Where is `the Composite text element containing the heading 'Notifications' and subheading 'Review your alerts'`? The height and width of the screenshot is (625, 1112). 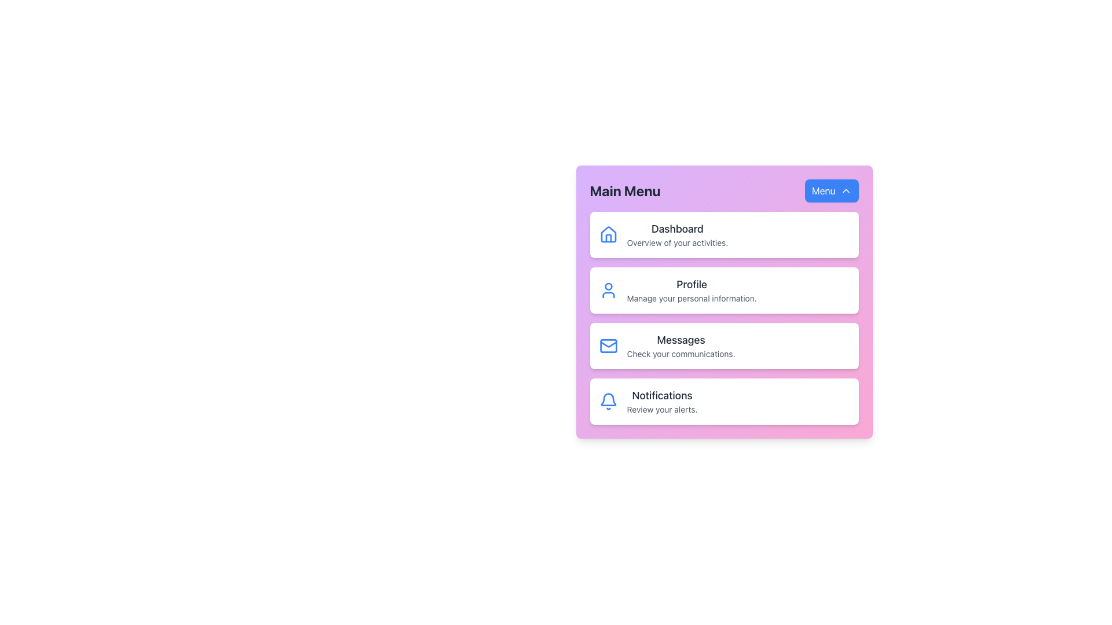
the Composite text element containing the heading 'Notifications' and subheading 'Review your alerts' is located at coordinates (662, 401).